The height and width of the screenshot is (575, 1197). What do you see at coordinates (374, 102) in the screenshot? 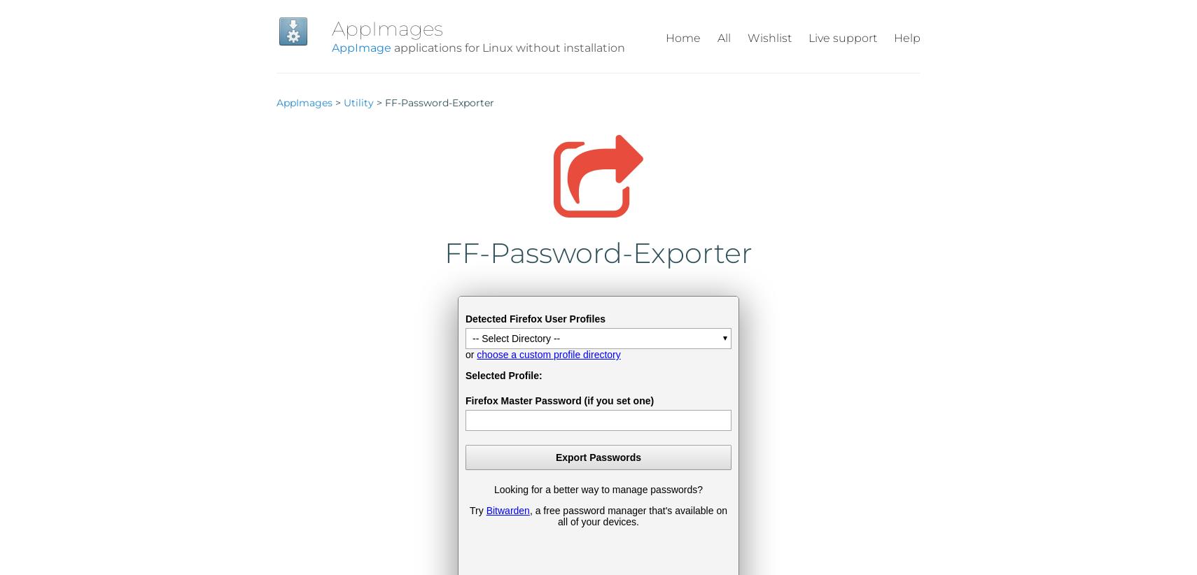
I see `'> FF-Password-Exporter'` at bounding box center [374, 102].